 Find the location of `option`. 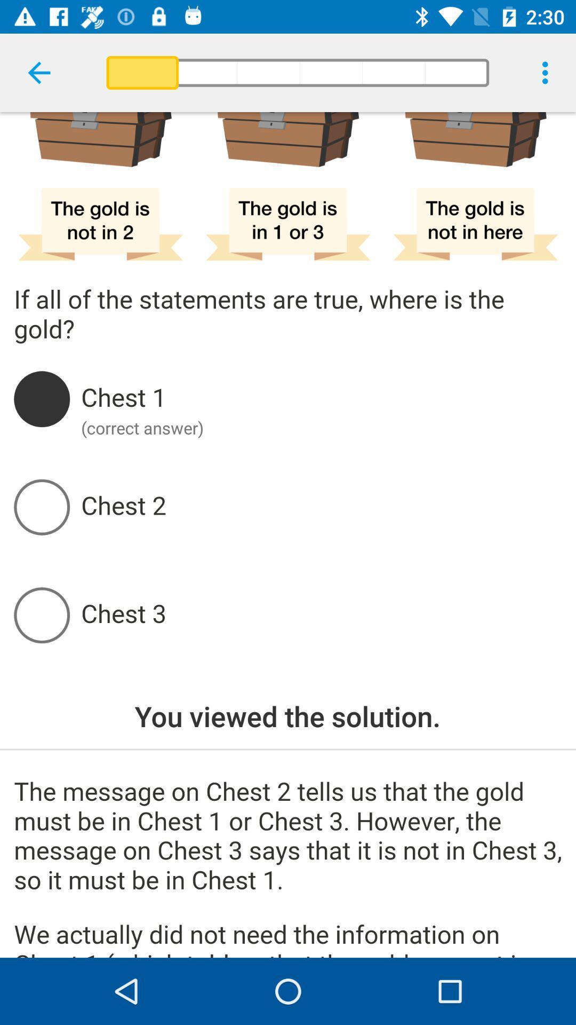

option is located at coordinates (321, 615).